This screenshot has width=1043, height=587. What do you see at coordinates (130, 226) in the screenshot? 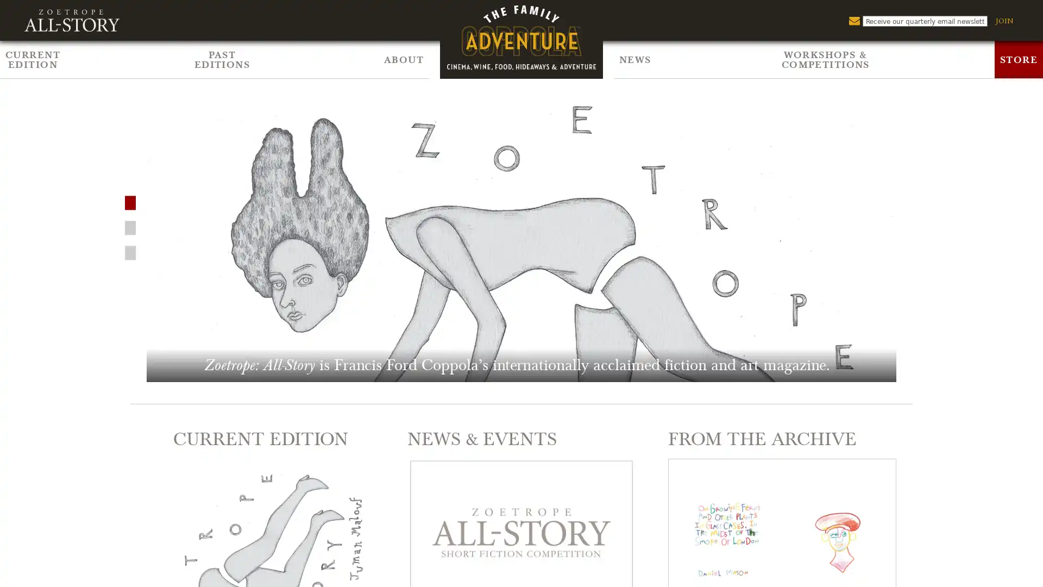
I see `Current Slide` at bounding box center [130, 226].